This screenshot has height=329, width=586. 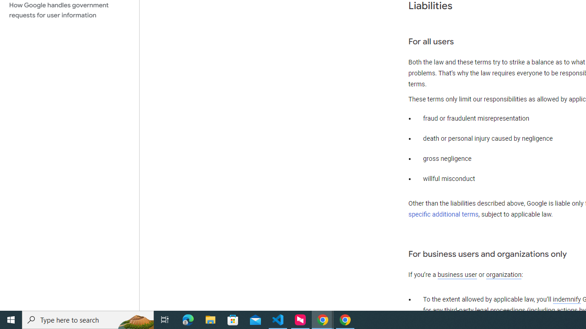 I want to click on 'business user', so click(x=457, y=275).